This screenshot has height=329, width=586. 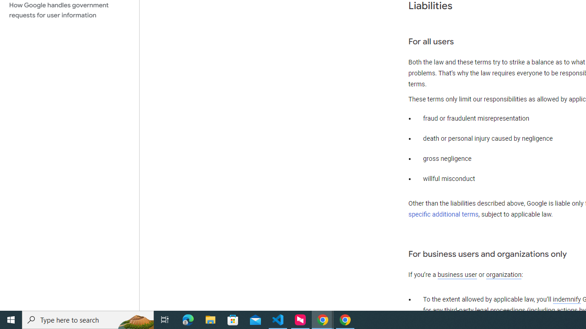 I want to click on 'business user', so click(x=457, y=275).